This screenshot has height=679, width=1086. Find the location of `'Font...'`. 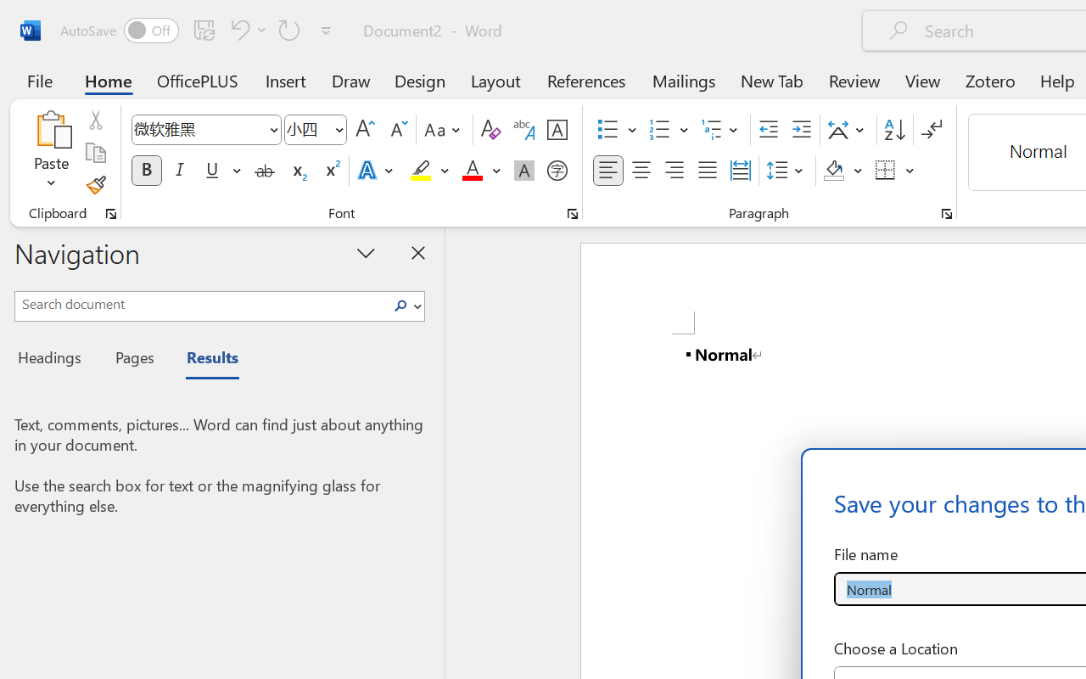

'Font...' is located at coordinates (573, 213).